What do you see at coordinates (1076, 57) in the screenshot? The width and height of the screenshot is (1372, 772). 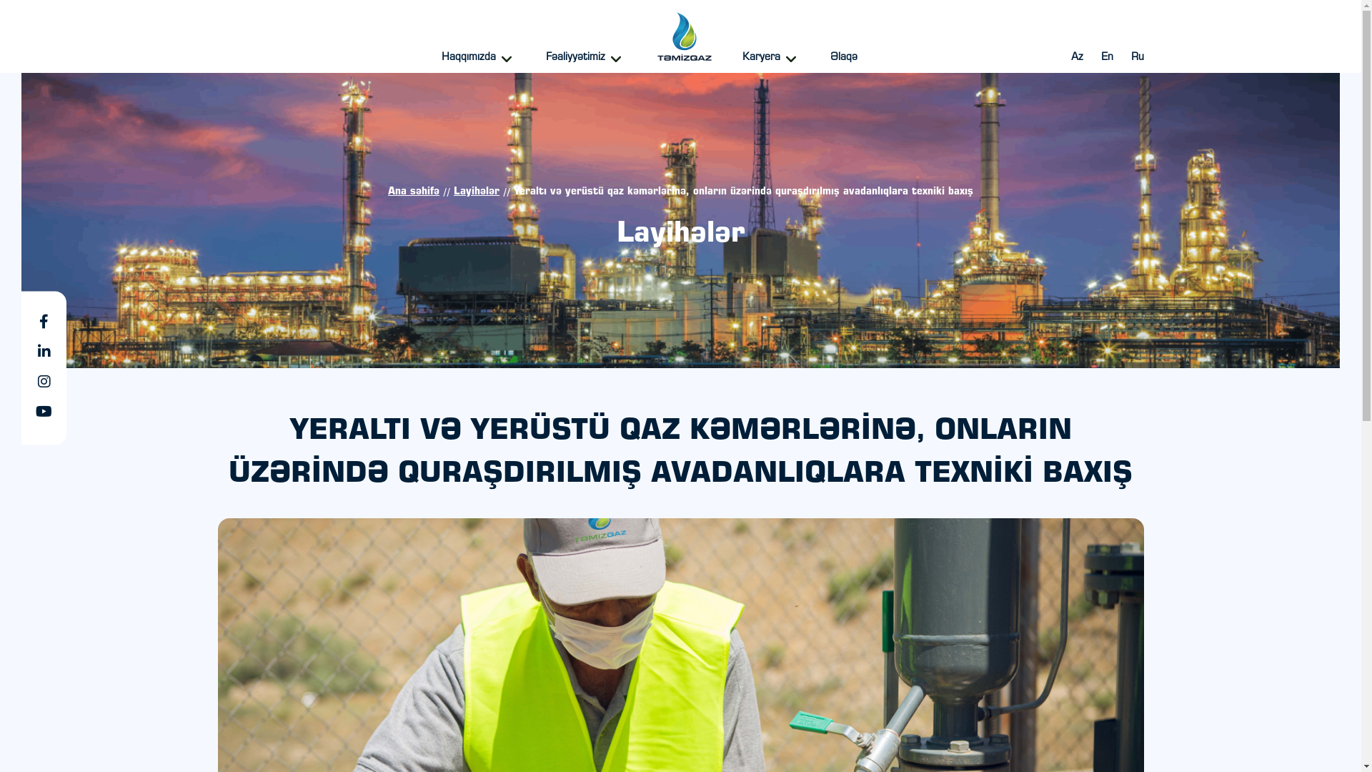 I see `'Az'` at bounding box center [1076, 57].